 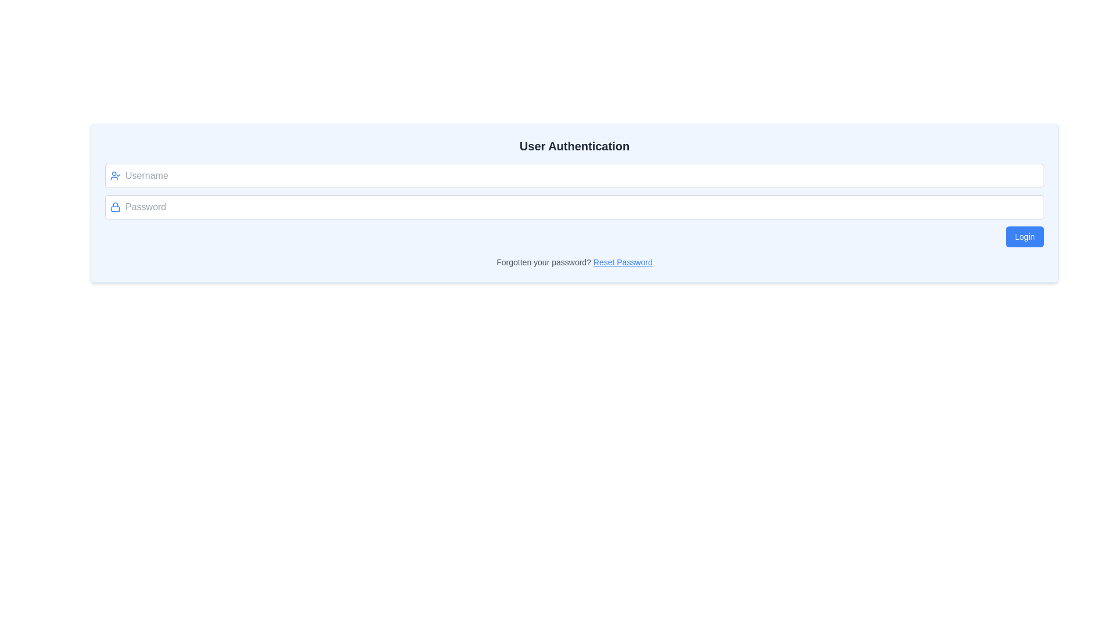 I want to click on the blue lock icon located to the left of the password input field, so click(x=115, y=207).